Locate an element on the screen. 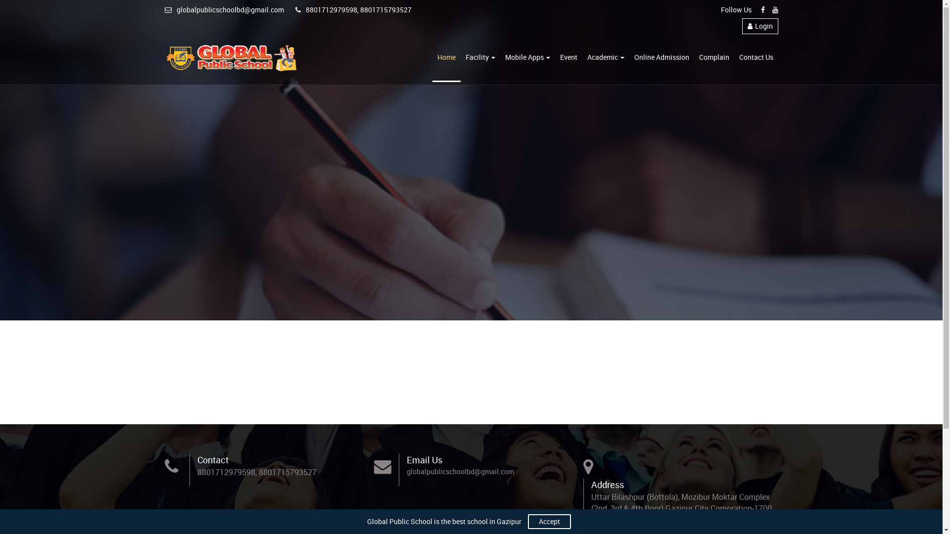  'Academic' is located at coordinates (605, 58).